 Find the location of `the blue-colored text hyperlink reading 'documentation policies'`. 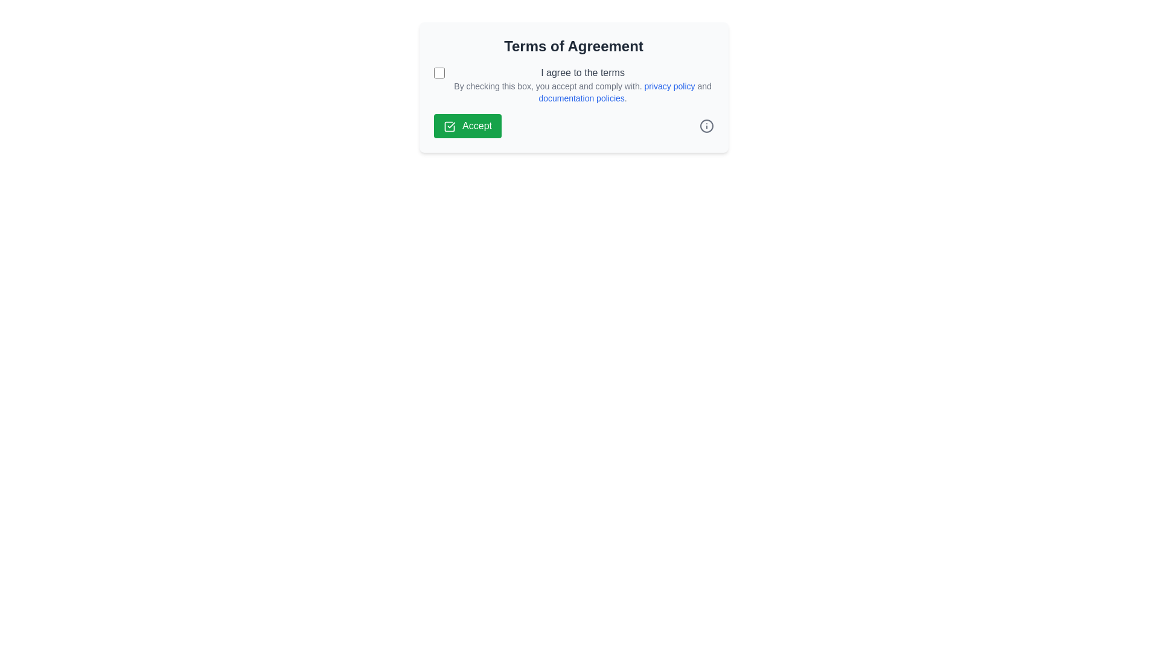

the blue-colored text hyperlink reading 'documentation policies' is located at coordinates (581, 97).